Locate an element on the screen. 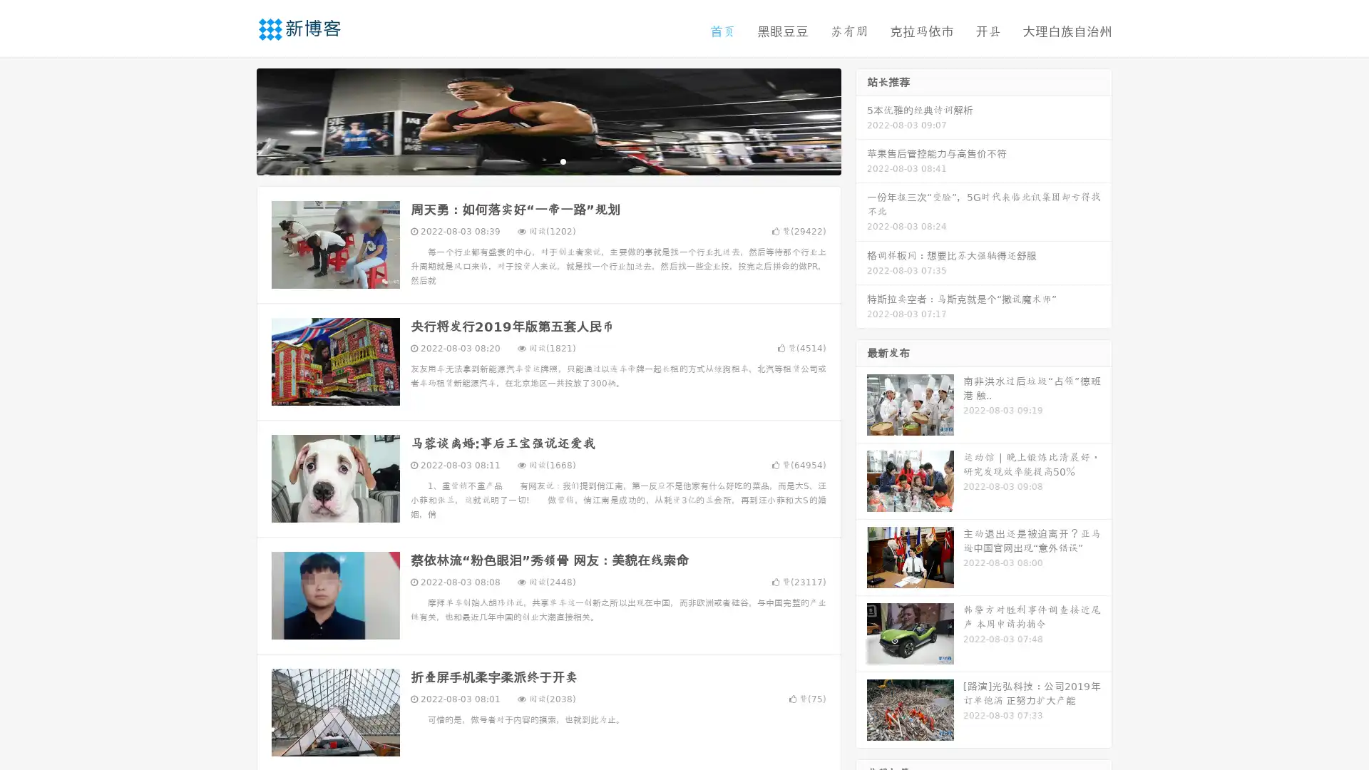 This screenshot has width=1369, height=770. Go to slide 2 is located at coordinates (548, 160).